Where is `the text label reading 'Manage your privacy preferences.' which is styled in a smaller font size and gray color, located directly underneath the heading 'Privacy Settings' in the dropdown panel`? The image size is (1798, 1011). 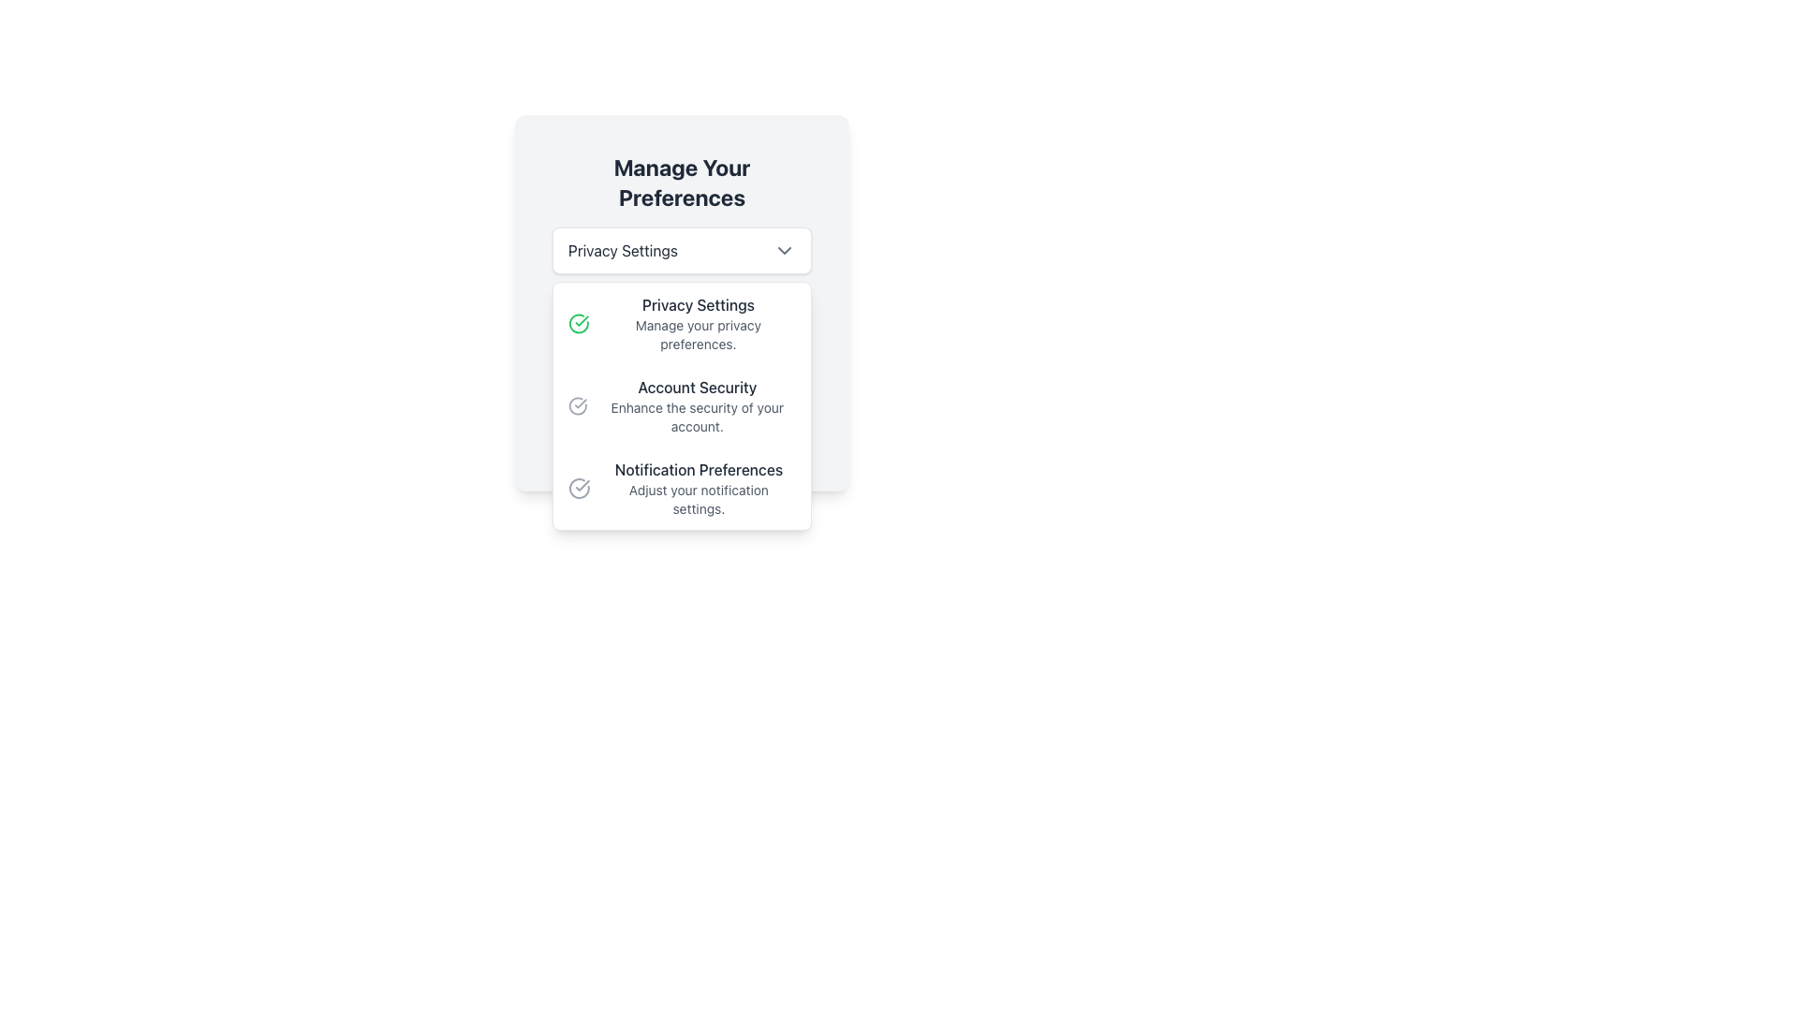 the text label reading 'Manage your privacy preferences.' which is styled in a smaller font size and gray color, located directly underneath the heading 'Privacy Settings' in the dropdown panel is located at coordinates (697, 334).